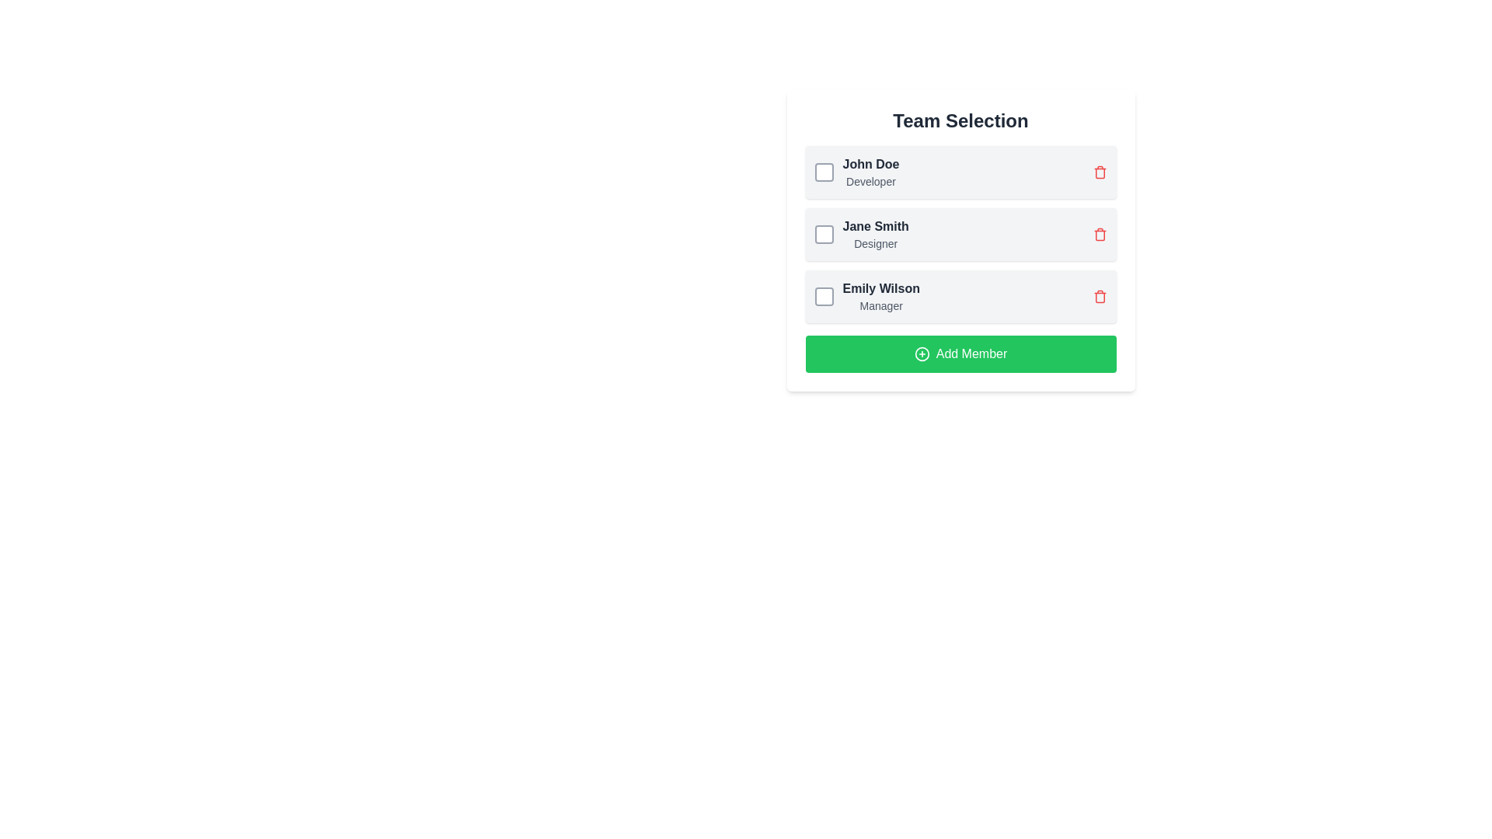 The width and height of the screenshot is (1492, 839). What do you see at coordinates (1099, 234) in the screenshot?
I see `the red trash can icon button, which is the rightmost interactive element aligned with the row containing 'Jane Smith' and 'Designer'` at bounding box center [1099, 234].